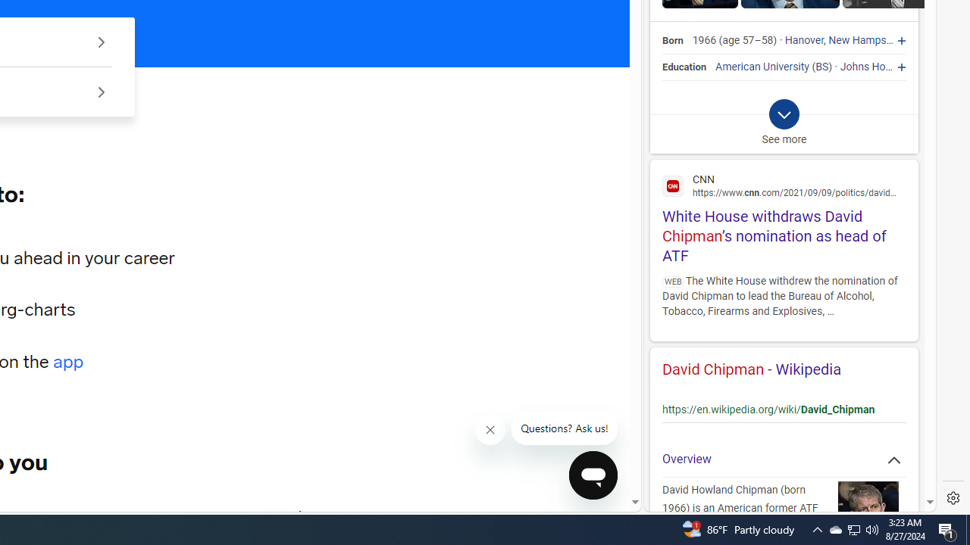  I want to click on 'Class: sc-1k07fow-1 cbnSms', so click(592, 474).